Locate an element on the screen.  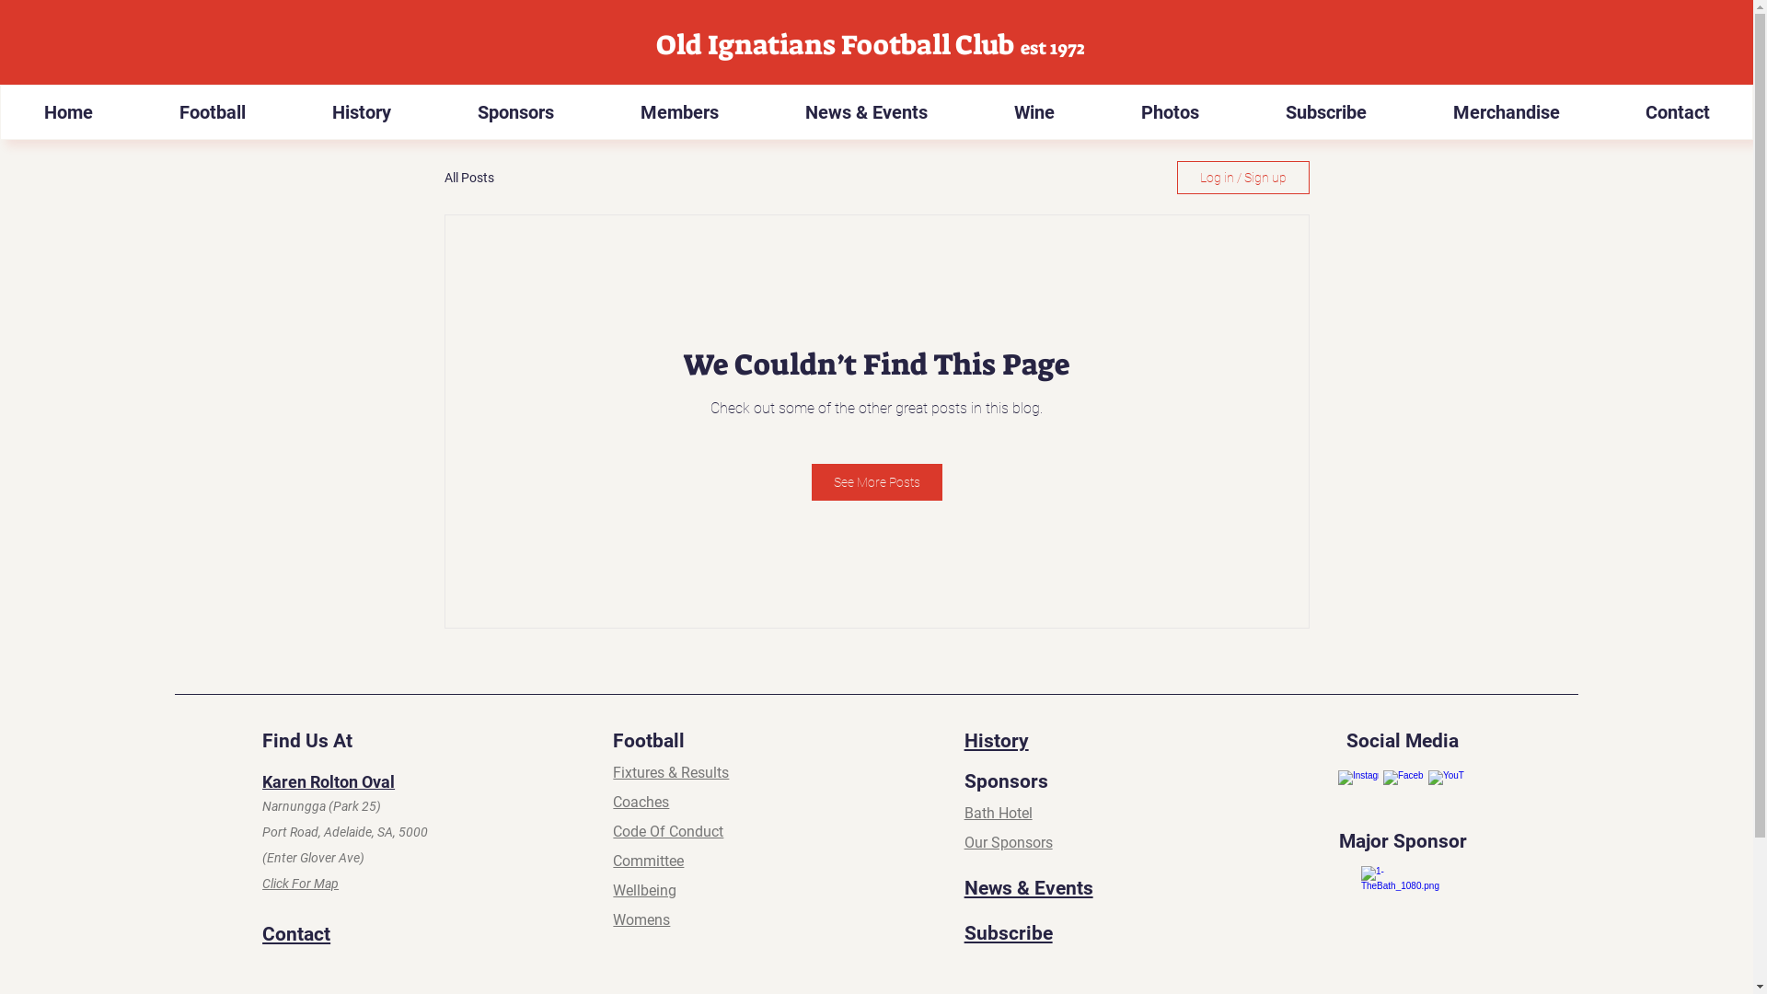
'Subscribe' is located at coordinates (1007, 933).